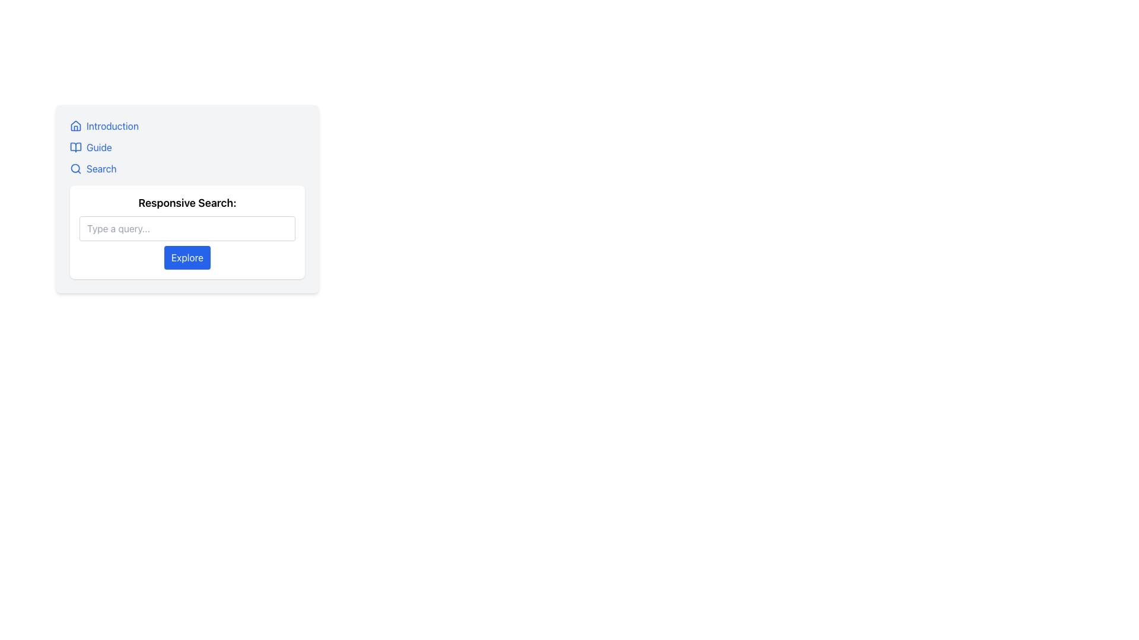  What do you see at coordinates (112, 126) in the screenshot?
I see `the 'Introduction' hyperlink label, which is styled in blue and located next to a house icon in the vertical navigation menu` at bounding box center [112, 126].